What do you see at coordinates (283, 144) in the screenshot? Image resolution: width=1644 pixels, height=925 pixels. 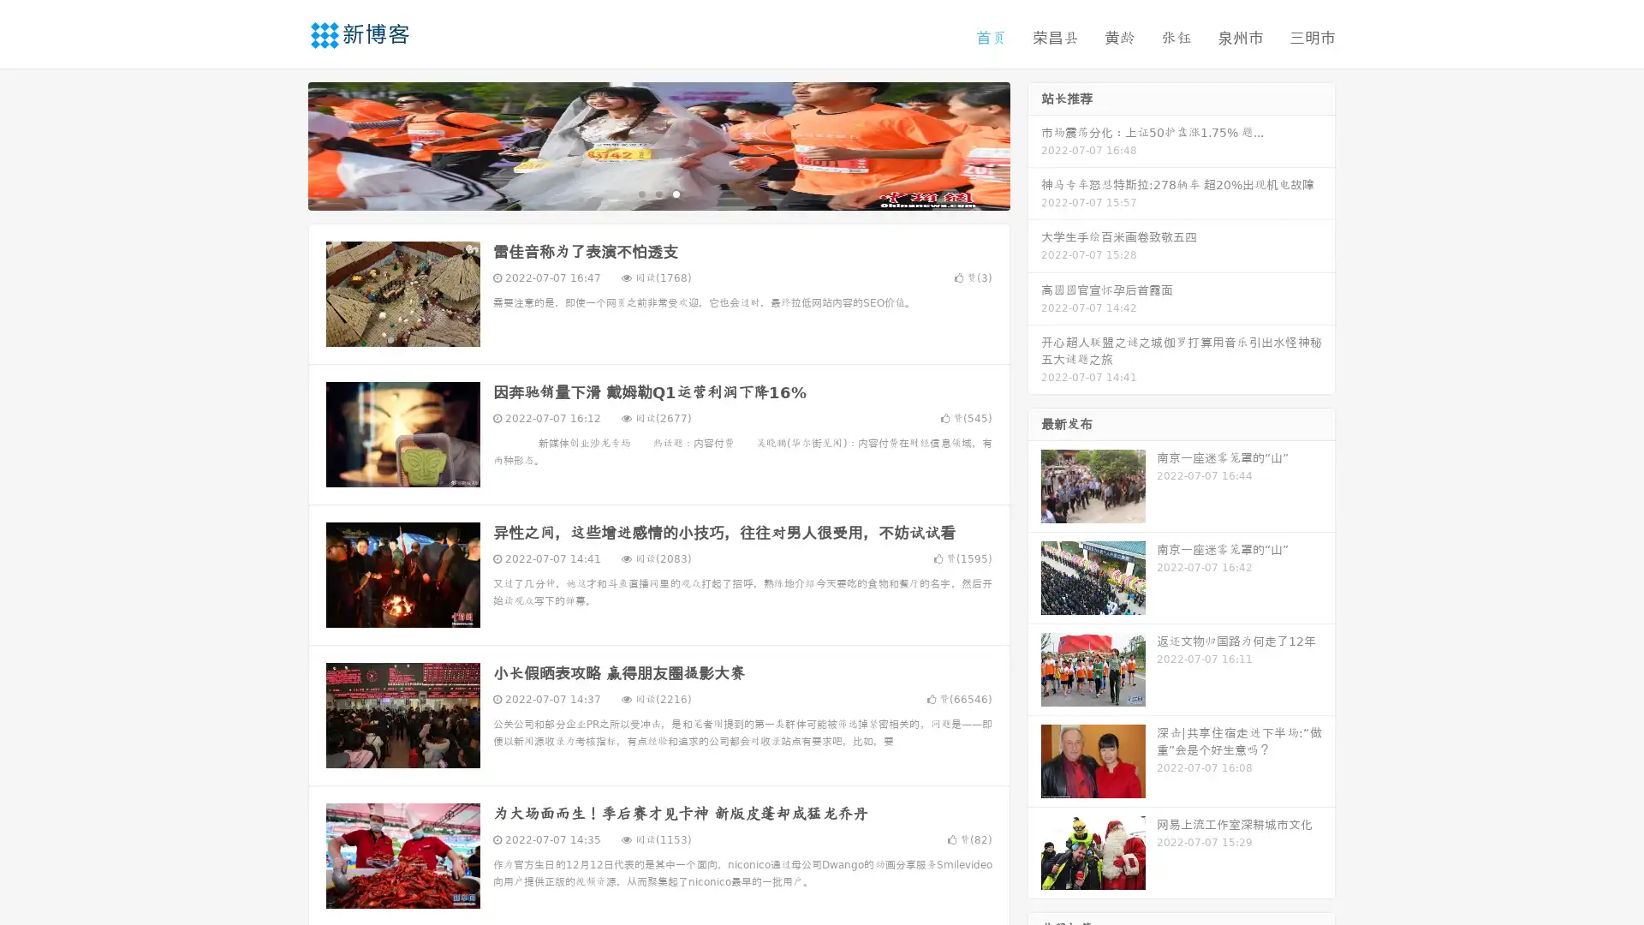 I see `Previous slide` at bounding box center [283, 144].